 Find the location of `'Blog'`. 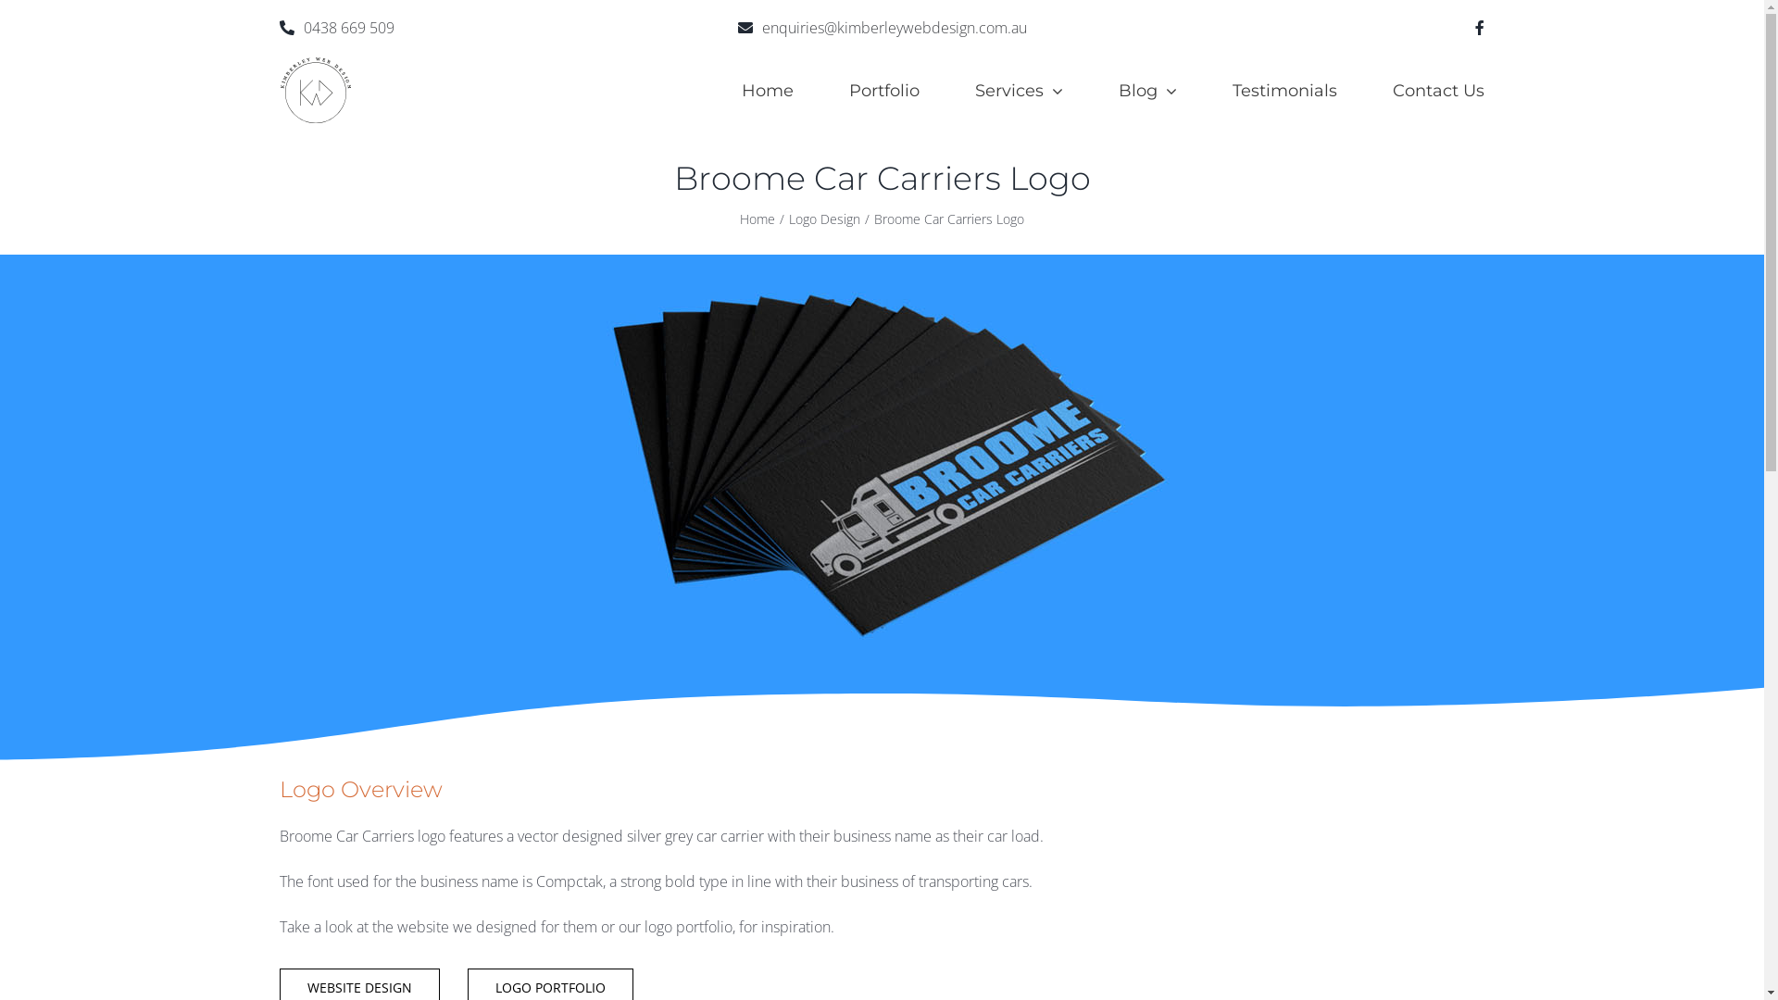

'Blog' is located at coordinates (1146, 90).